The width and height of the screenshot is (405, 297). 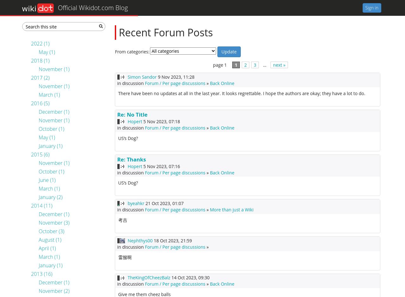 I want to click on '2015 (6)', so click(x=40, y=154).